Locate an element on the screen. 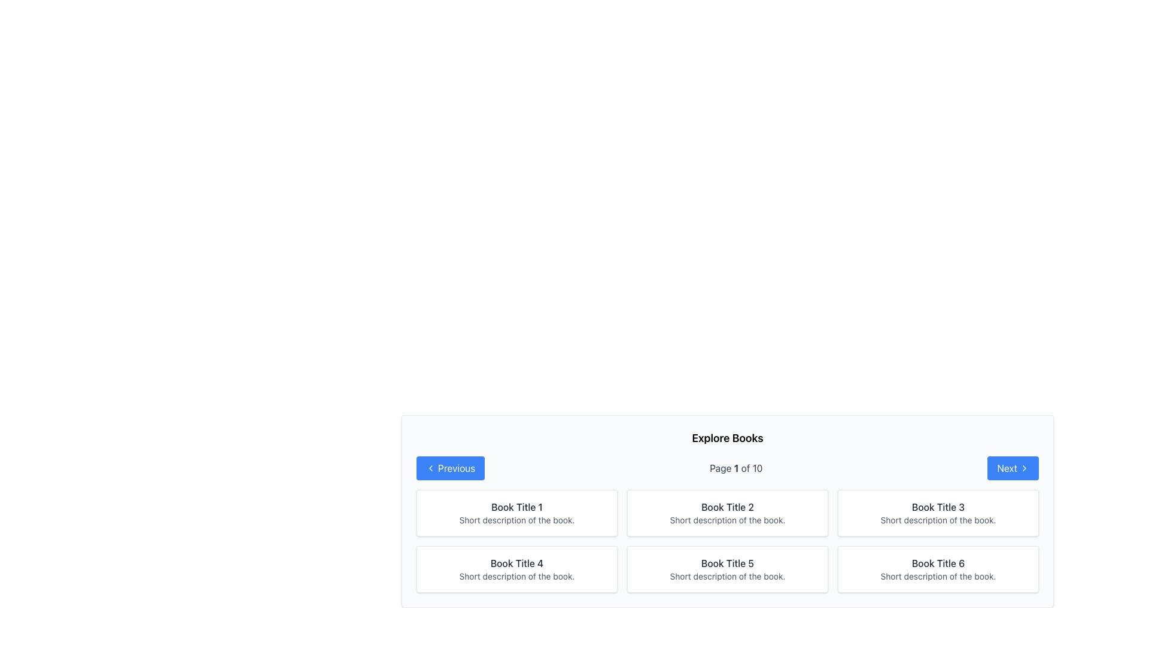 The width and height of the screenshot is (1149, 646). the pagination button located at the far right of the pagination bar is located at coordinates (1013, 468).